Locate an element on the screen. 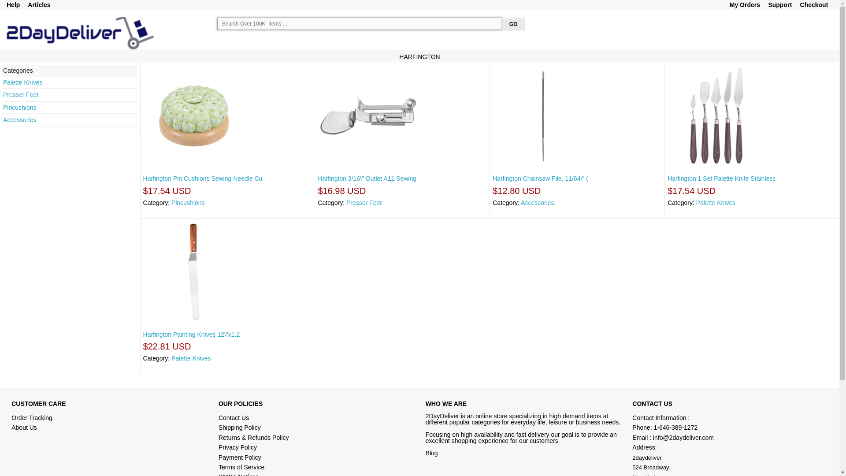  'Shipping Policy' is located at coordinates (241, 427).